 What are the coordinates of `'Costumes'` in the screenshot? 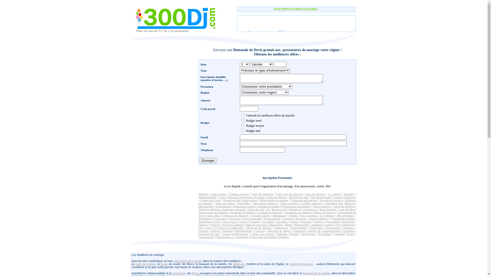 It's located at (348, 231).